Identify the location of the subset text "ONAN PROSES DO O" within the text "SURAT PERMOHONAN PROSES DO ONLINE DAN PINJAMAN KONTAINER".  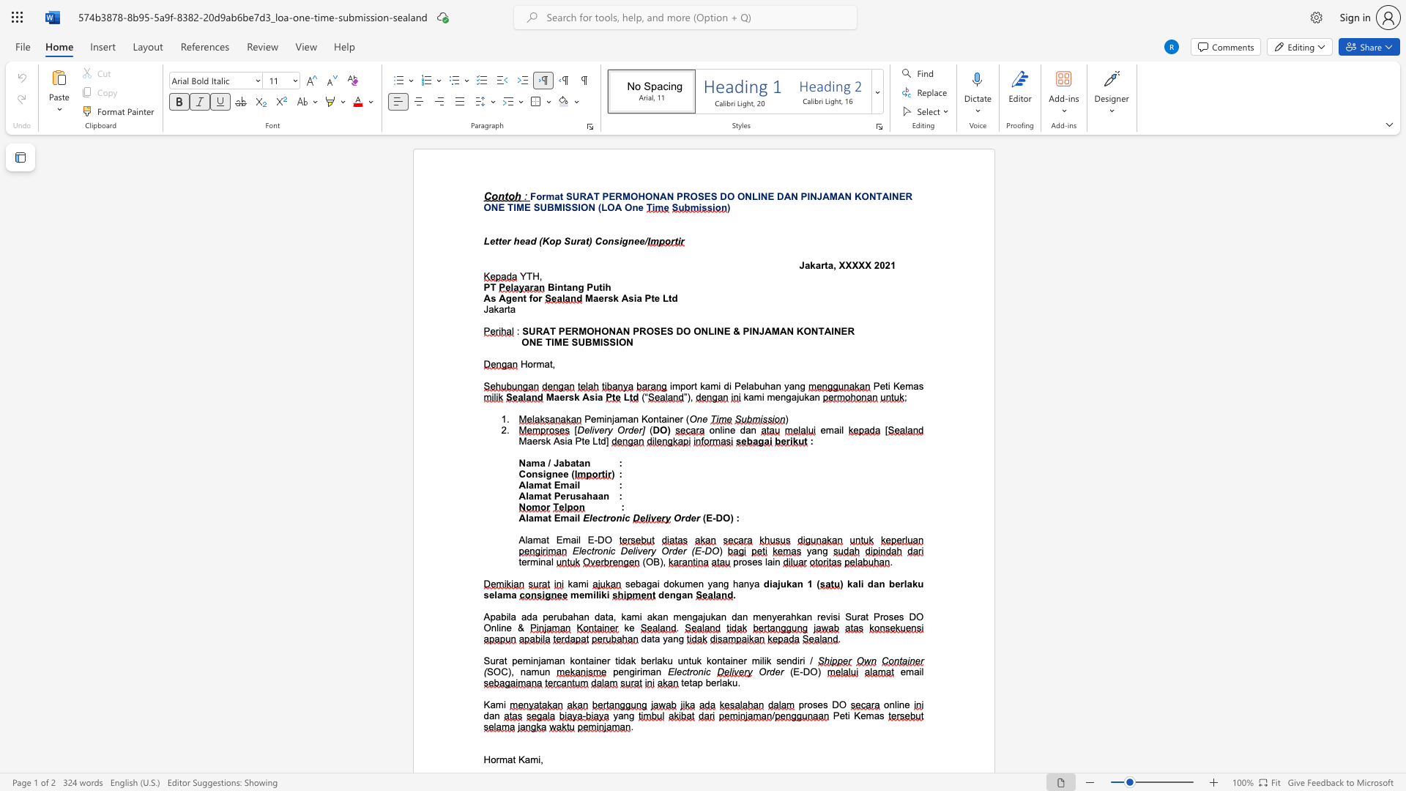
(644, 196).